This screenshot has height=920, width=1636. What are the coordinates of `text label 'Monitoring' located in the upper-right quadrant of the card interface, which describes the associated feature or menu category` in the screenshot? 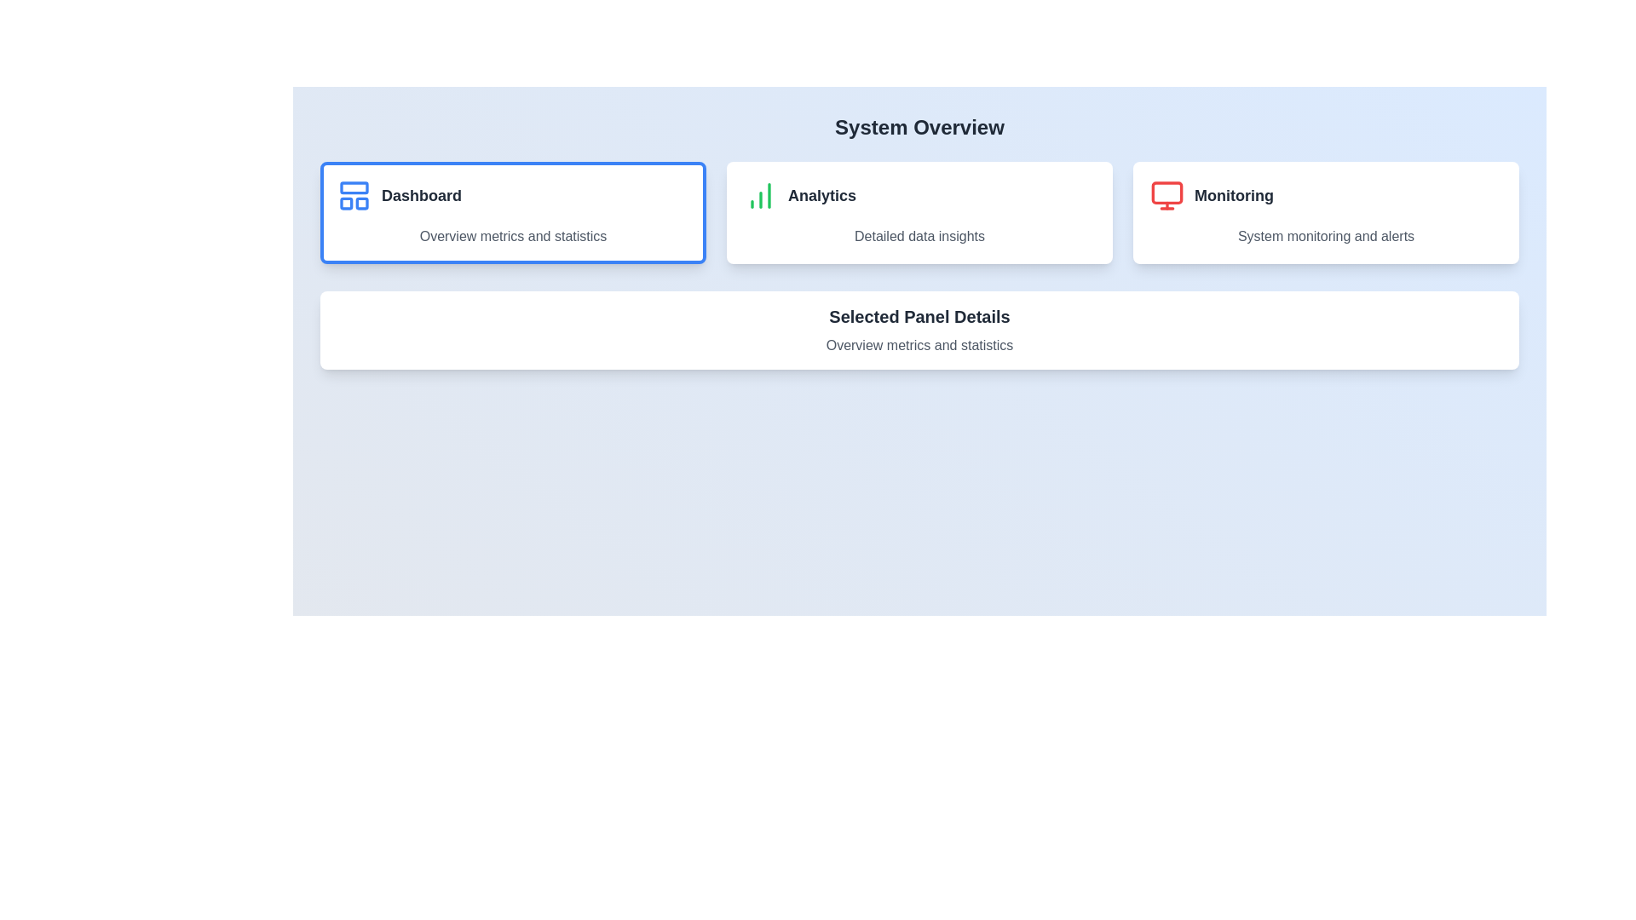 It's located at (1234, 195).